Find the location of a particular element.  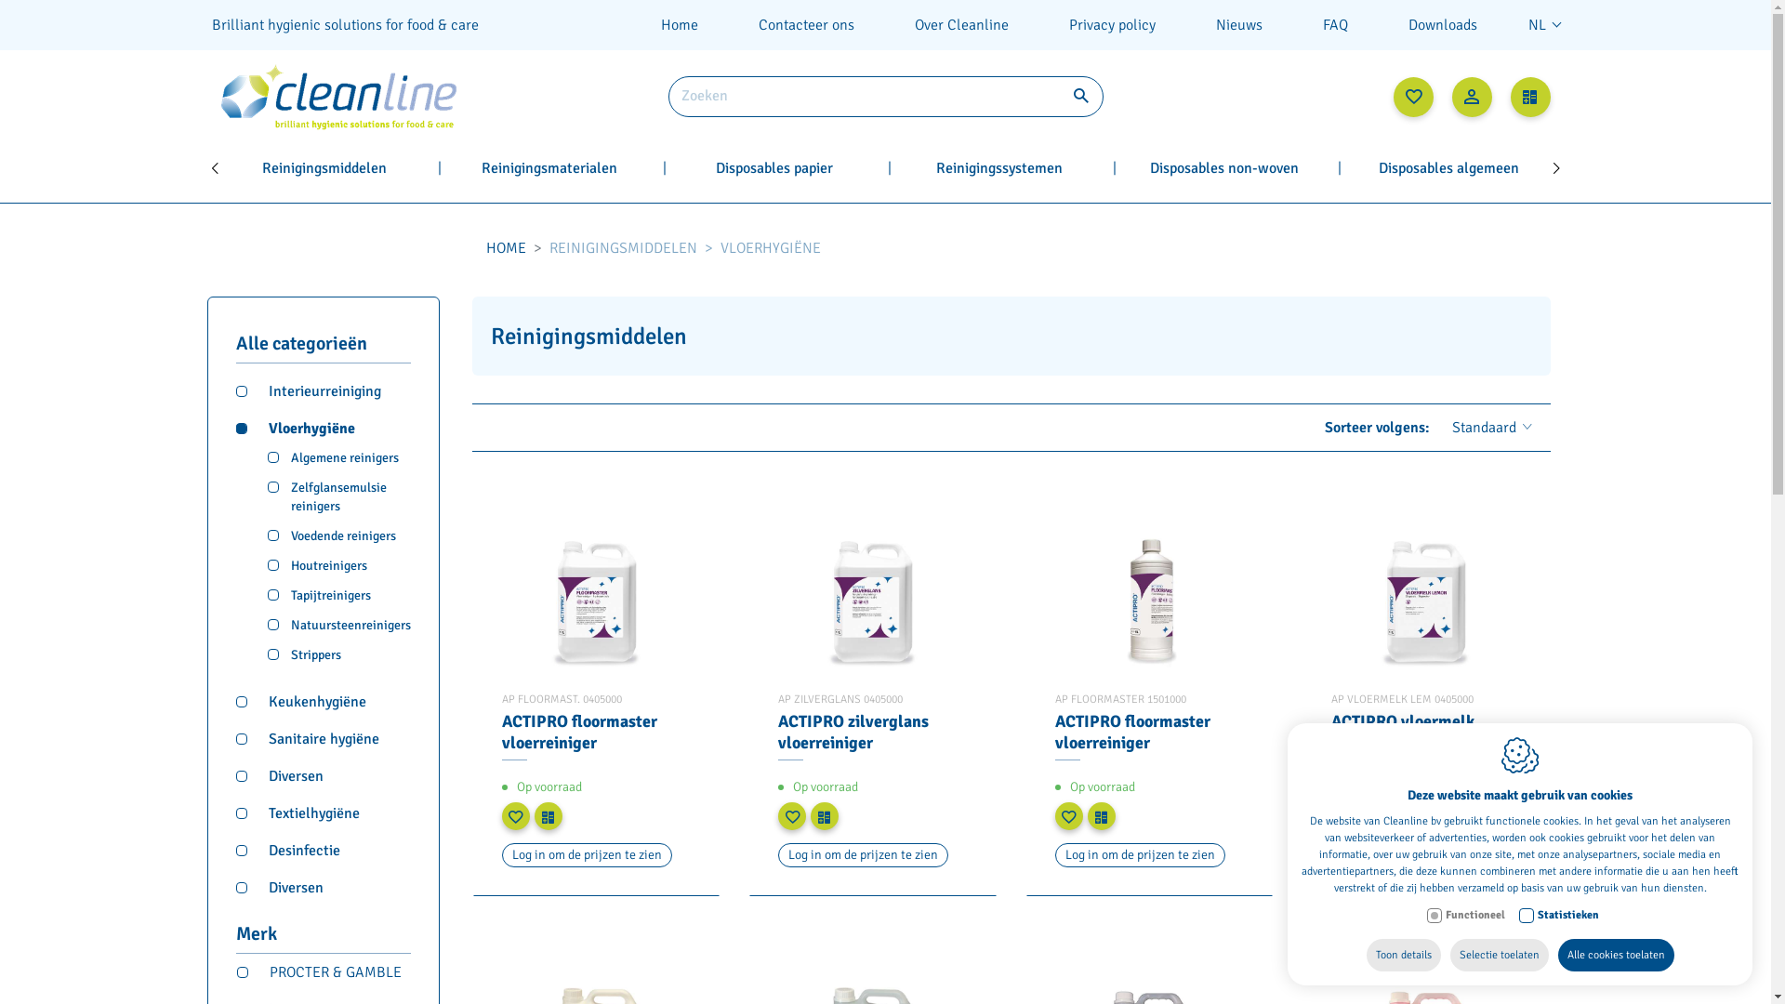

'Contacteer ons' is located at coordinates (753, 25).